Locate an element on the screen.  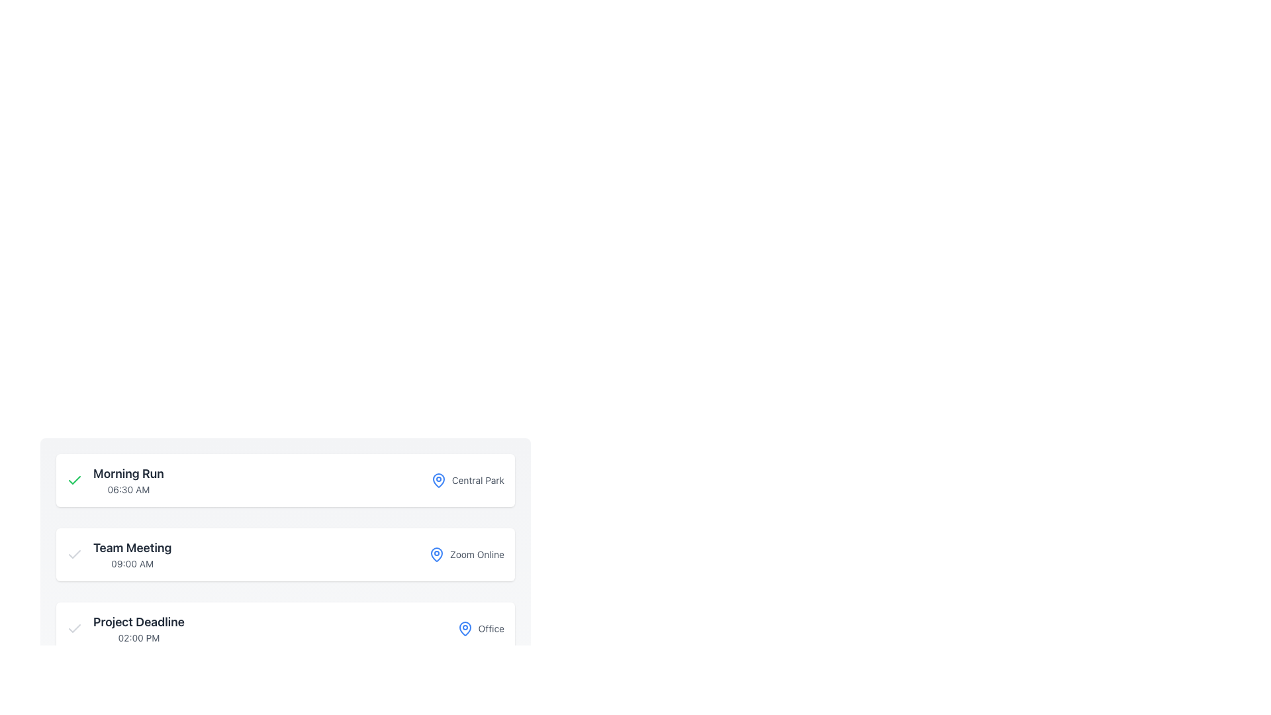
the icon that visually indicates a location or place, located immediately to the left of the text 'Office' in the 'Project Deadline' section is located at coordinates (465, 628).